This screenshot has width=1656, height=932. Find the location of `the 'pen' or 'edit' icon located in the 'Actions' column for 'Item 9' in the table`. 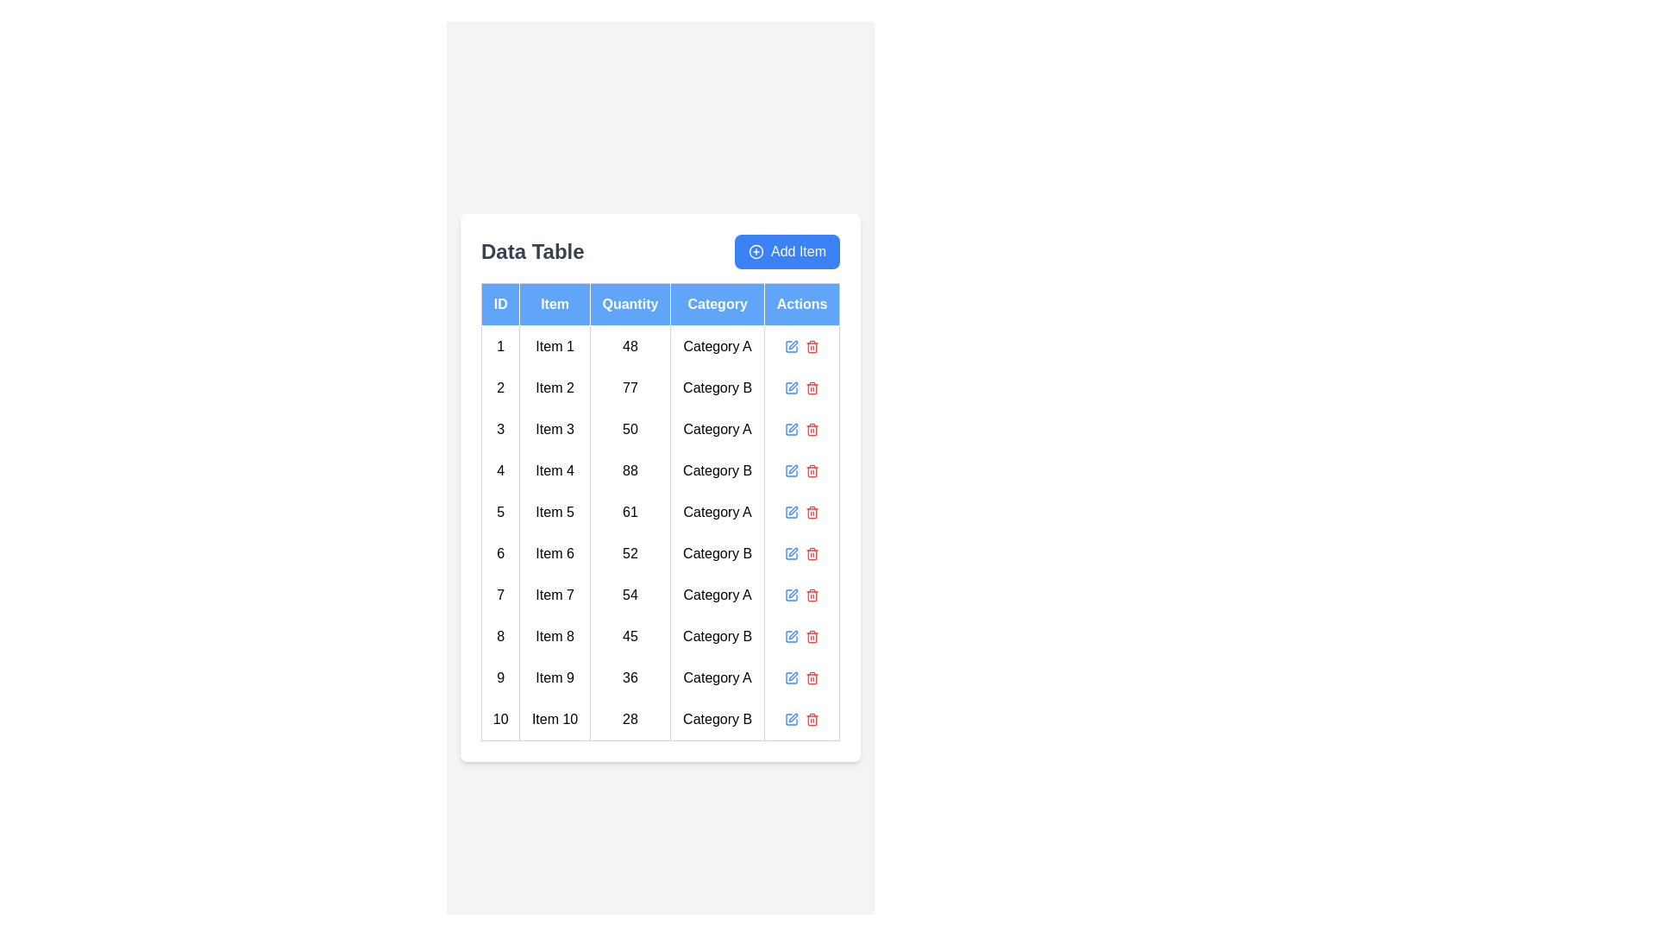

the 'pen' or 'edit' icon located in the 'Actions' column for 'Item 9' in the table is located at coordinates (791, 677).